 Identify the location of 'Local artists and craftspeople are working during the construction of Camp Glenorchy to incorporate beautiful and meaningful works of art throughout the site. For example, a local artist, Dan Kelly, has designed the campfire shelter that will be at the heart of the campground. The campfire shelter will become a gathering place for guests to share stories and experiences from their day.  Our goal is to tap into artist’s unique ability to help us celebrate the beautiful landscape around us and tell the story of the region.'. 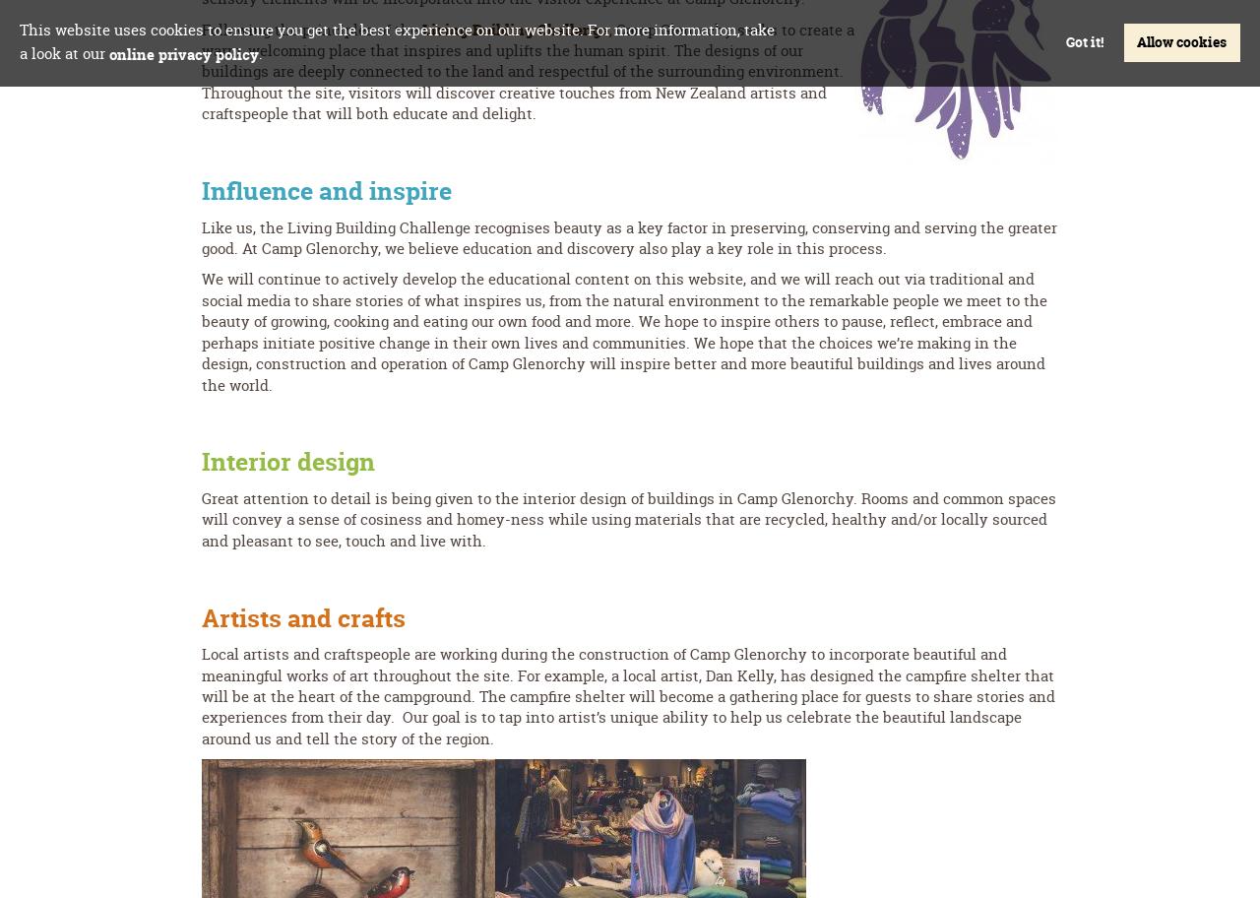
(627, 695).